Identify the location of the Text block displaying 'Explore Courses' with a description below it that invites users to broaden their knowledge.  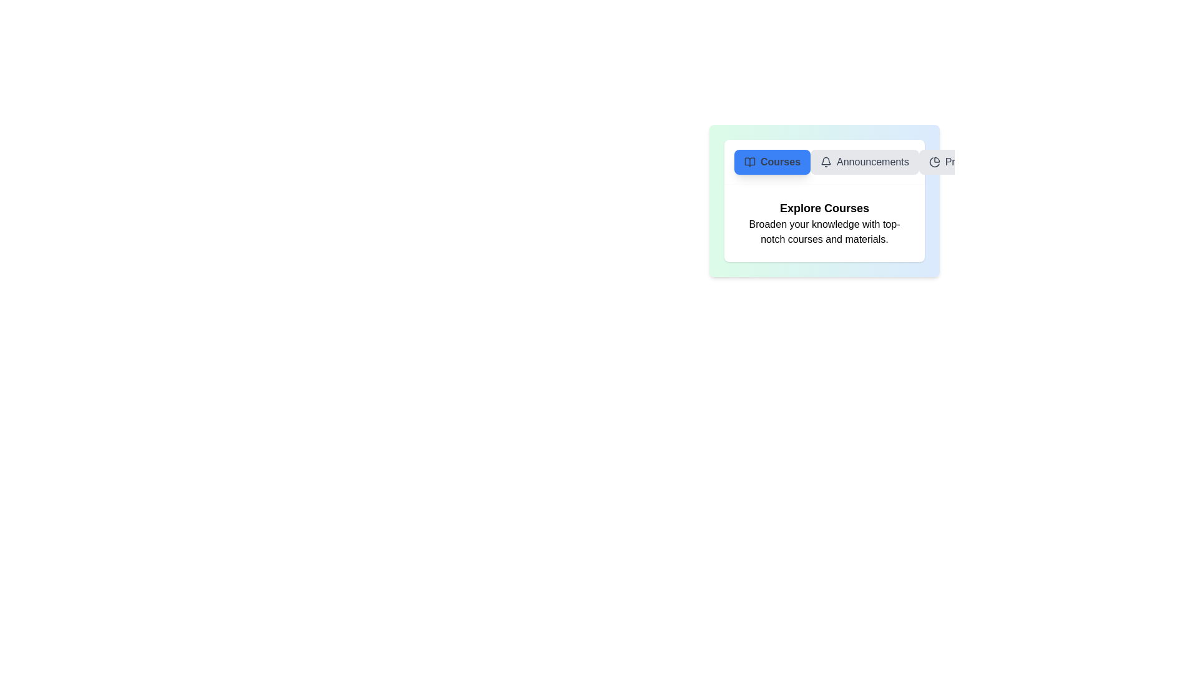
(824, 223).